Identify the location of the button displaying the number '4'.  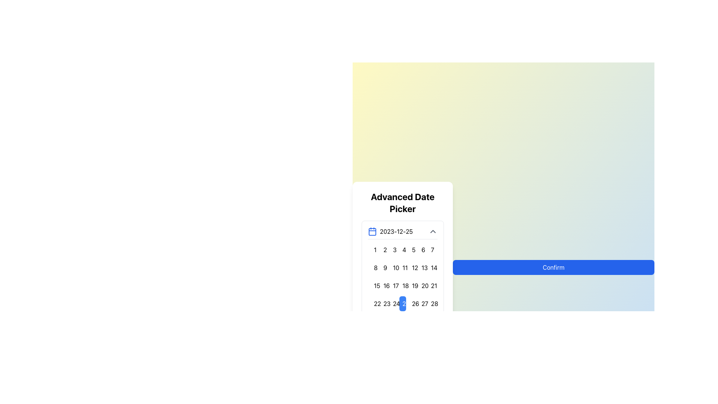
(402, 250).